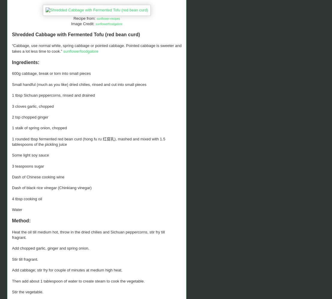  What do you see at coordinates (12, 116) in the screenshot?
I see `'2 tsp chopped ginger'` at bounding box center [12, 116].